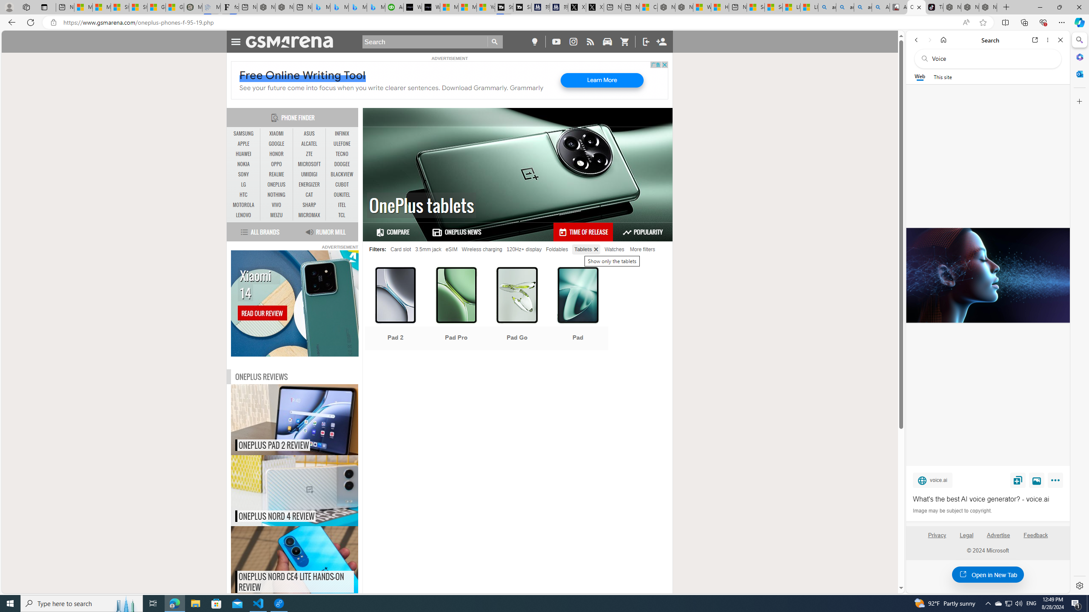  Describe the element at coordinates (428, 249) in the screenshot. I see `'3.5mm jack'` at that location.